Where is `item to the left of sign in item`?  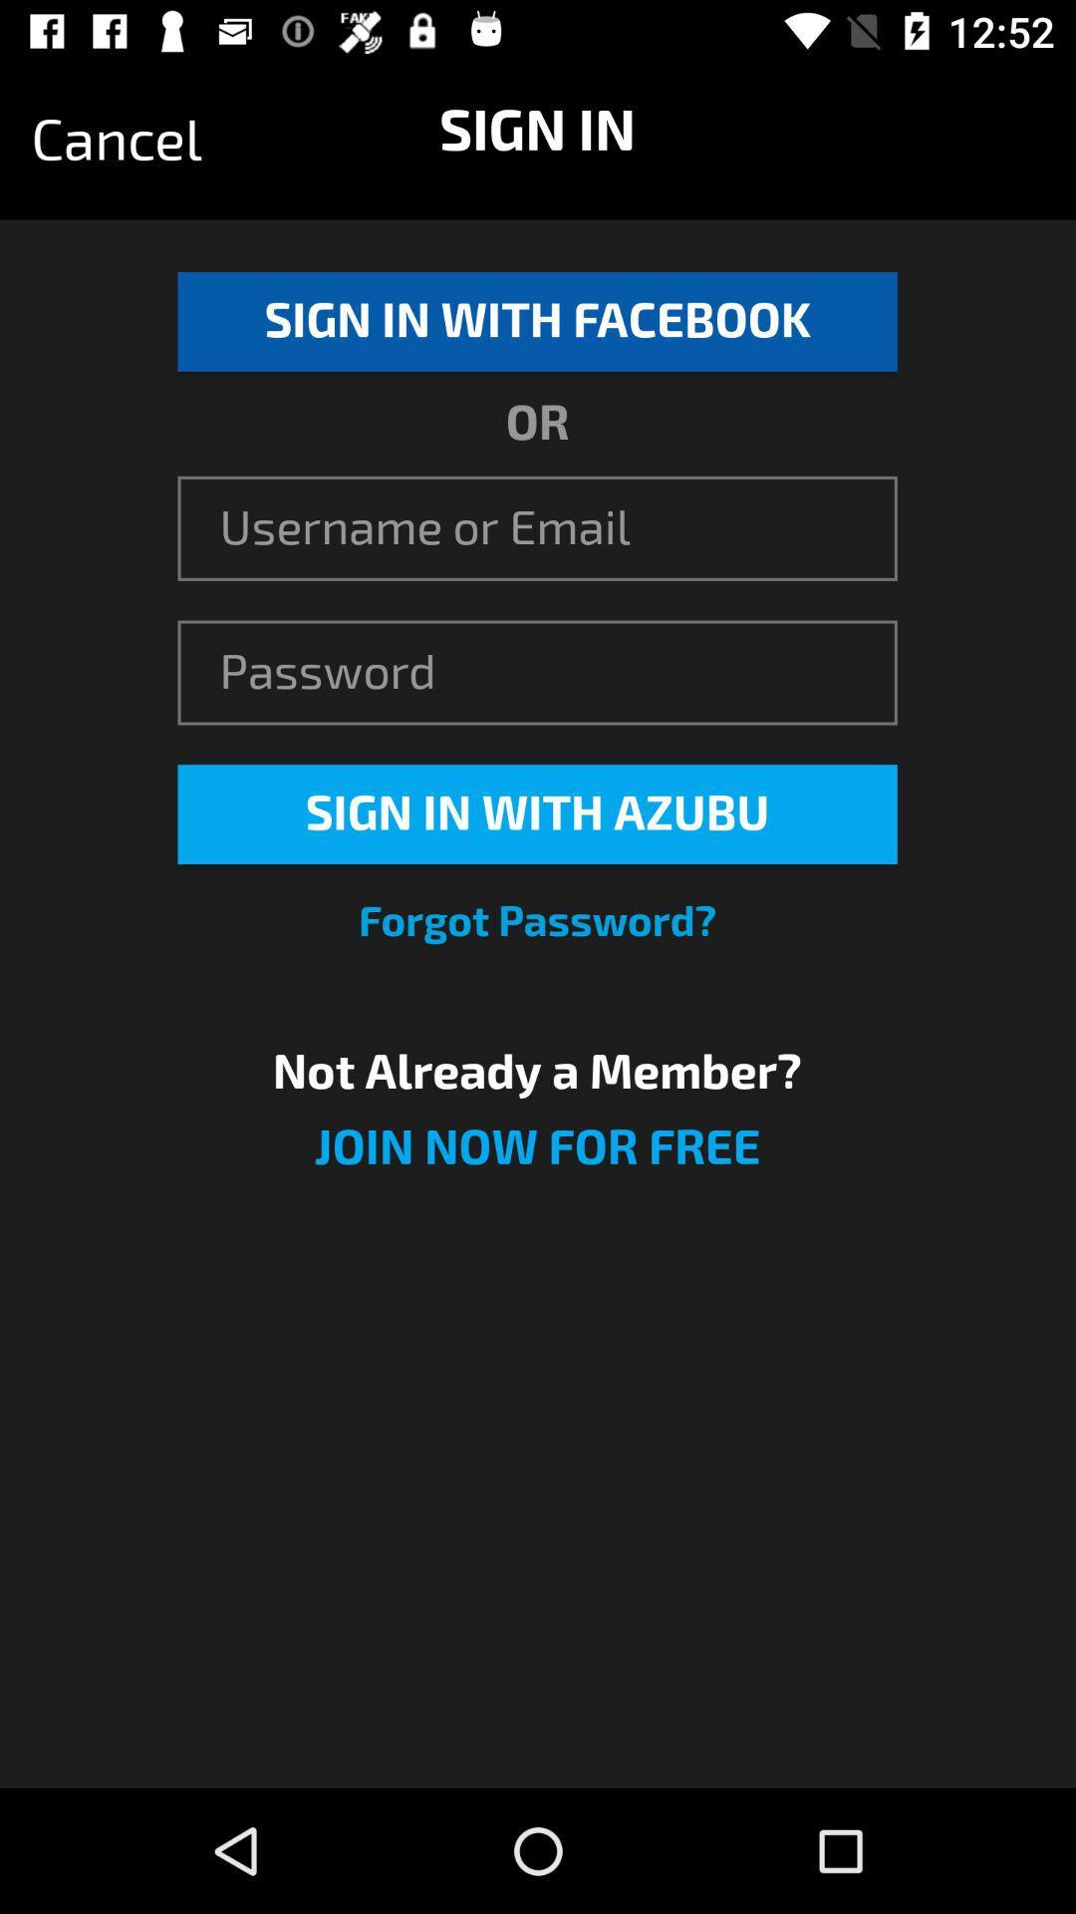 item to the left of sign in item is located at coordinates (117, 140).